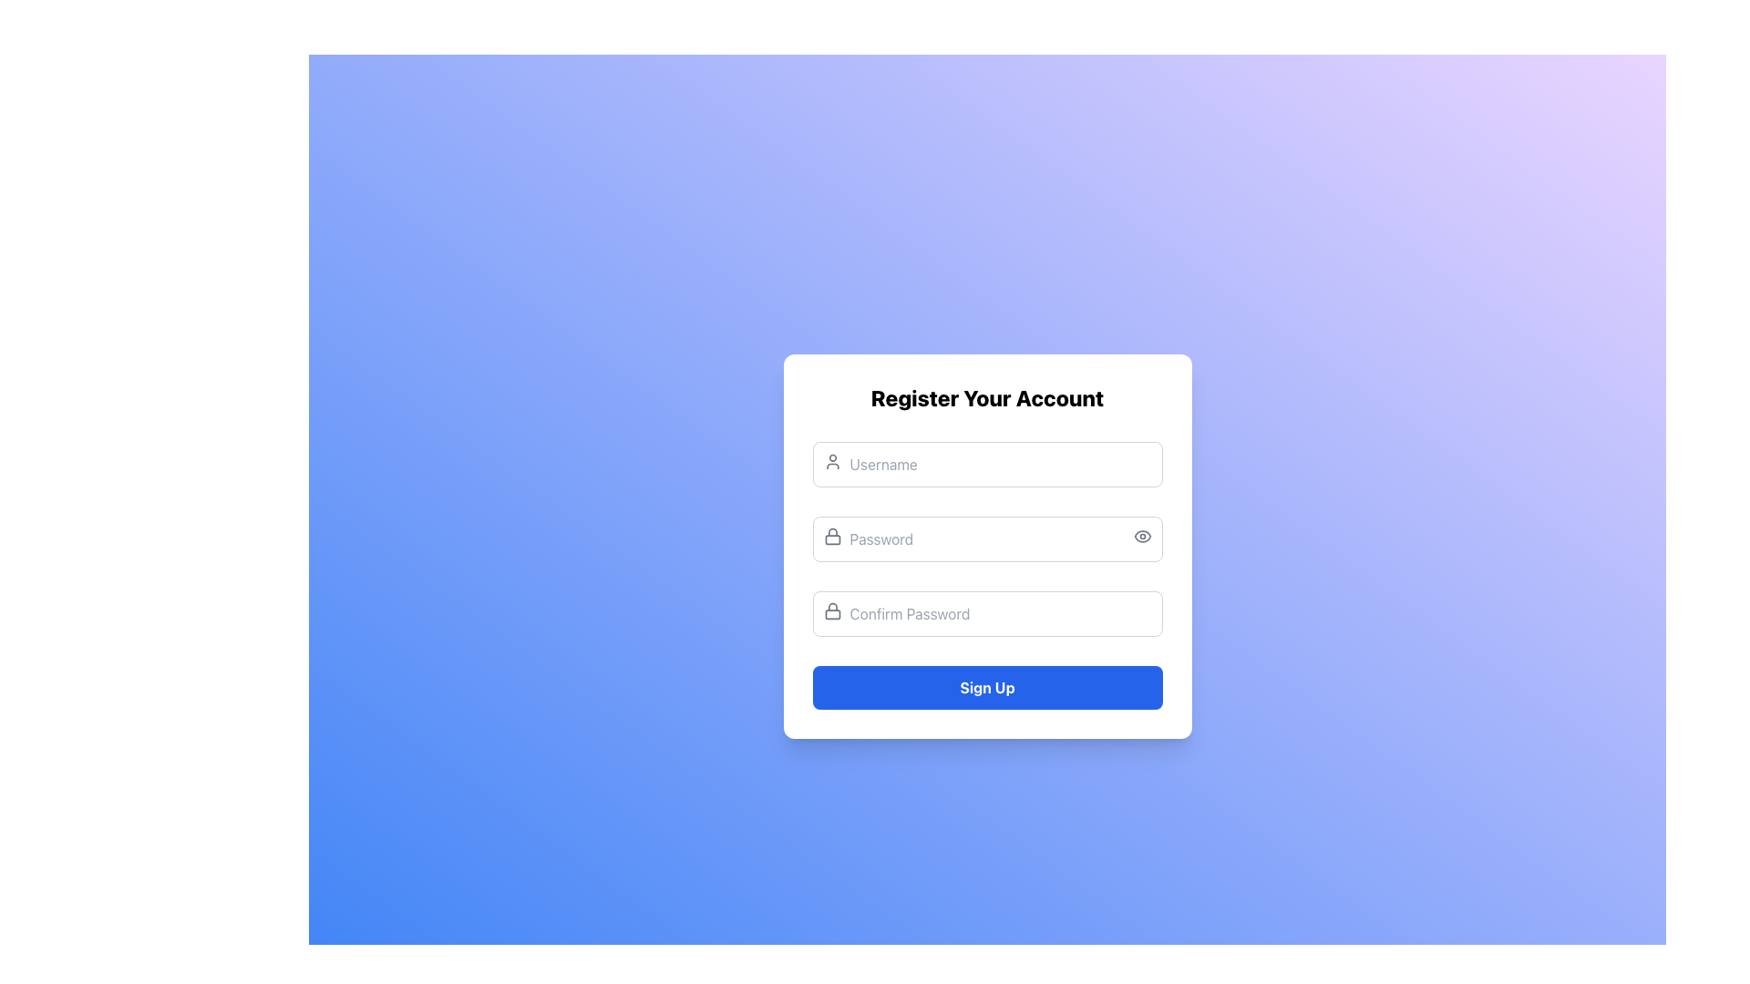 Image resolution: width=1750 pixels, height=984 pixels. I want to click on the outer elliptical shell of the eye icon, which is located above the pupil inside the password input field on the registration form, so click(1141, 536).